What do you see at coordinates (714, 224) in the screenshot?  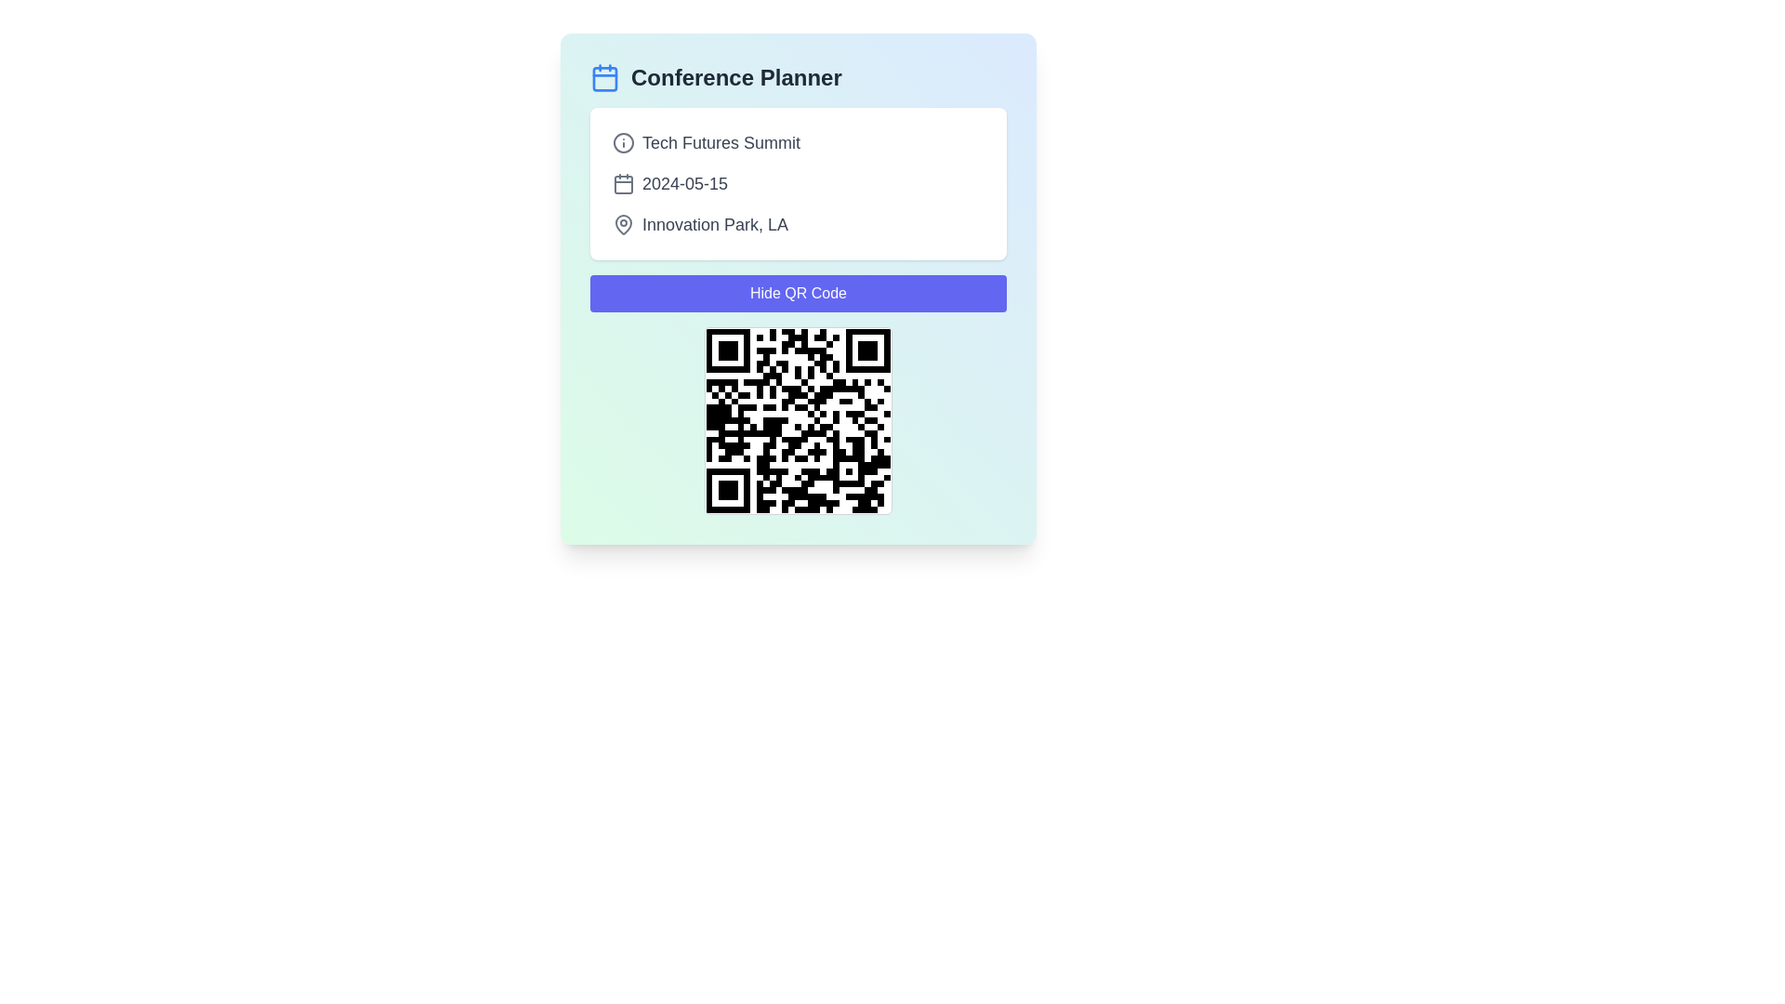 I see `the text label displaying 'Innovation Park, LA', which is styled in gray and located to the right of a location icon within the 'Conference Planner' section` at bounding box center [714, 224].